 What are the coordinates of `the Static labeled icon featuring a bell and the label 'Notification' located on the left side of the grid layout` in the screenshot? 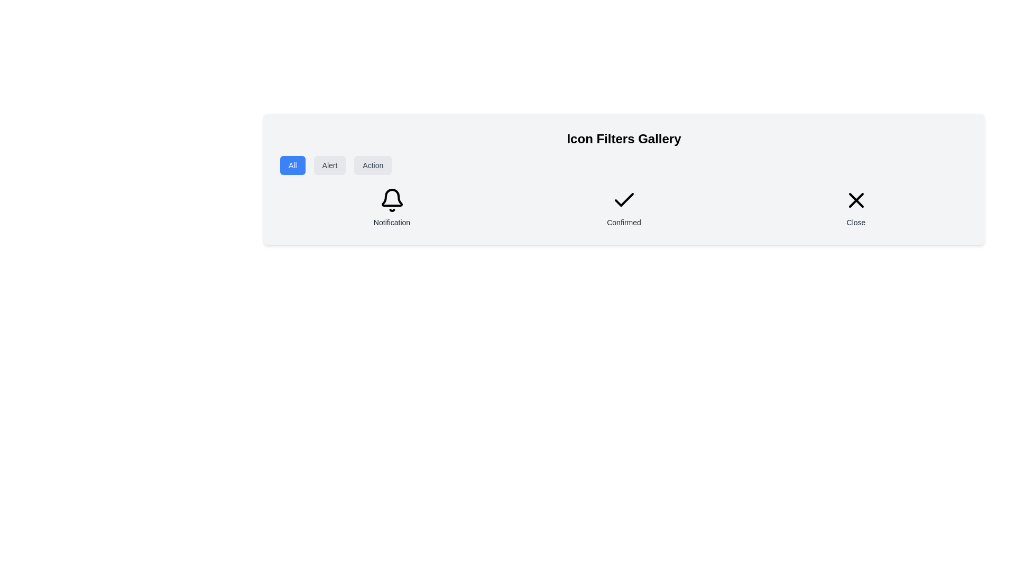 It's located at (391, 208).